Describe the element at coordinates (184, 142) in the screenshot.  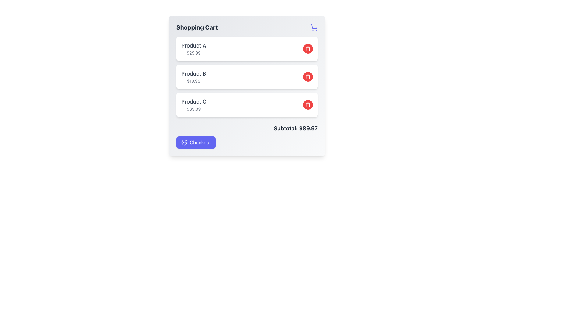
I see `the checkmark icon graphic located on the left side of the 'Checkout' button at the bottom-left corner of the shopping cart interface` at that location.